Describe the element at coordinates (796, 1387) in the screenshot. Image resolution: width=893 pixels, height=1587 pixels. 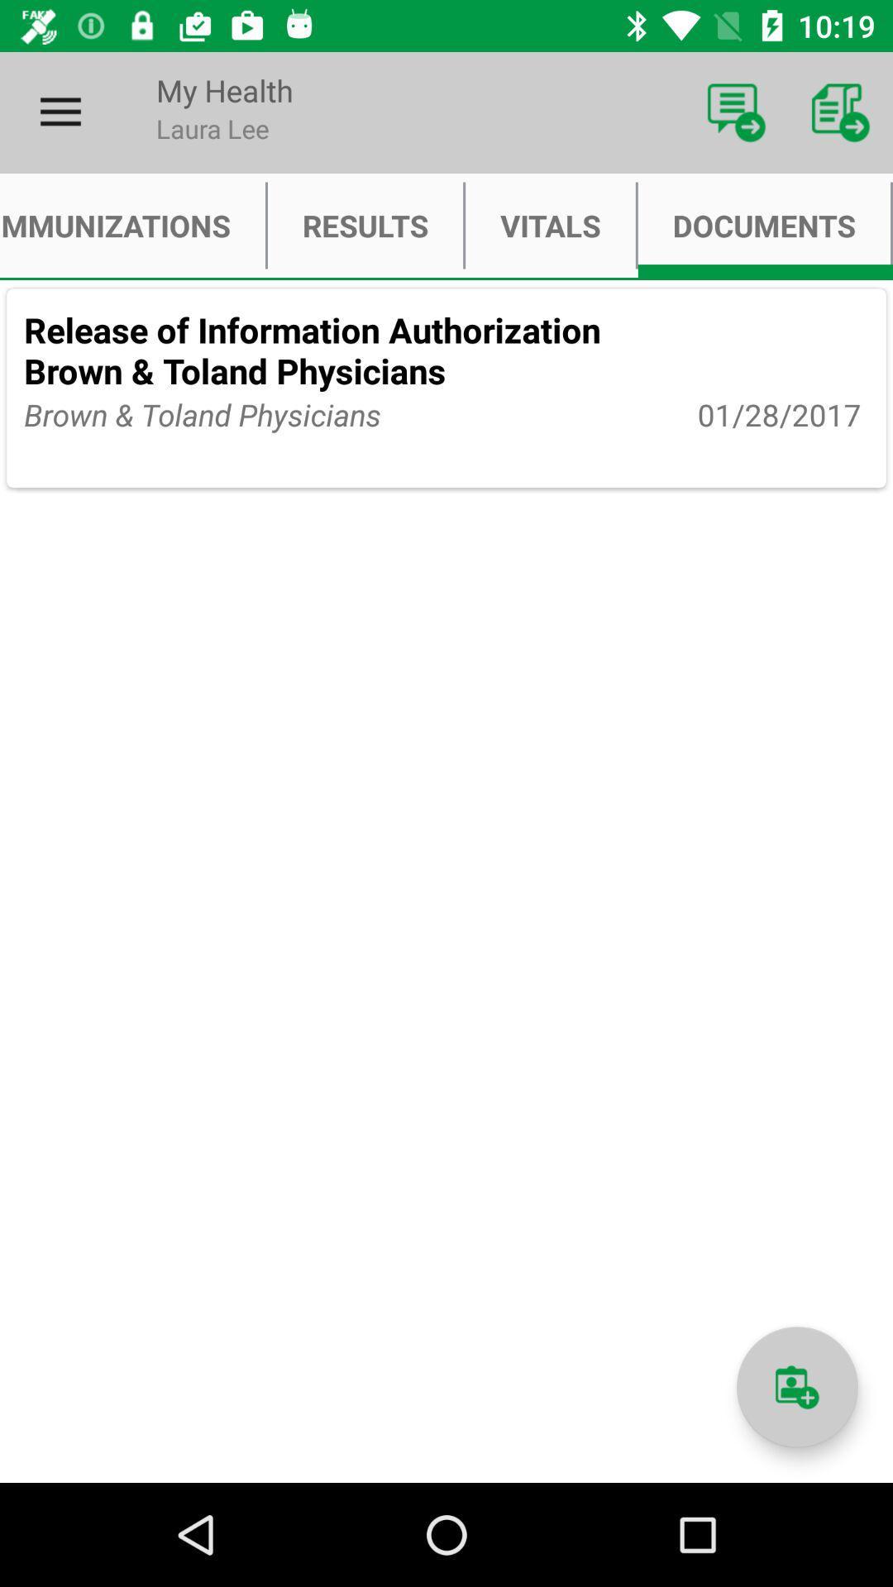
I see `icon at the bottom right corner` at that location.